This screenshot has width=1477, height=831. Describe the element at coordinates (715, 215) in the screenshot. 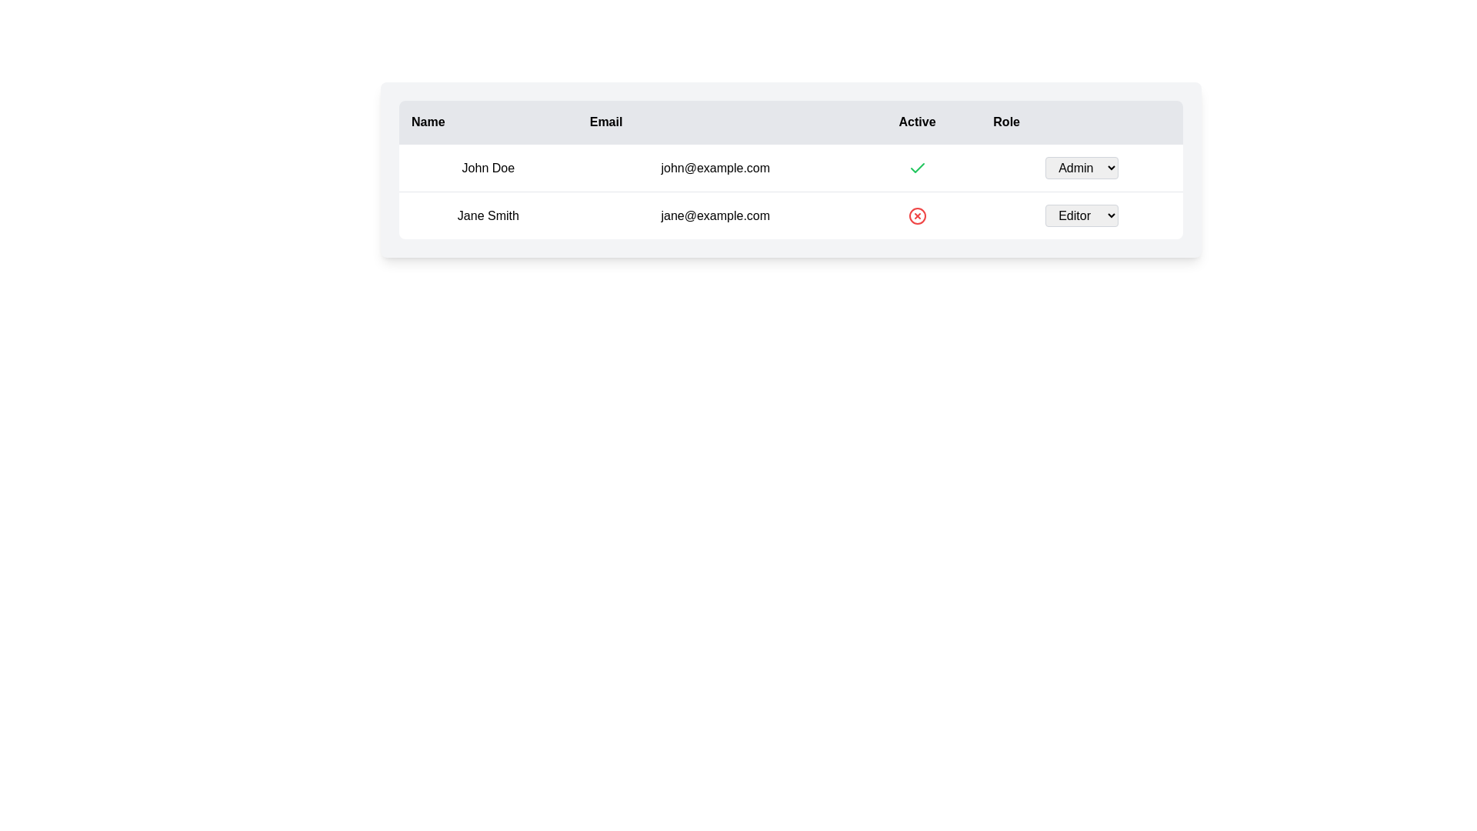

I see `the static text element displaying 'jane@example.com', which is located in the second row of the table under the 'Email' column` at that location.